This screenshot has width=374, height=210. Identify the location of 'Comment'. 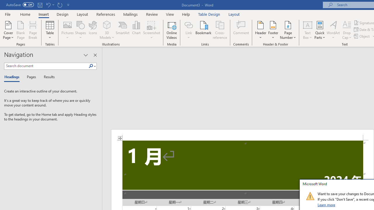
(241, 30).